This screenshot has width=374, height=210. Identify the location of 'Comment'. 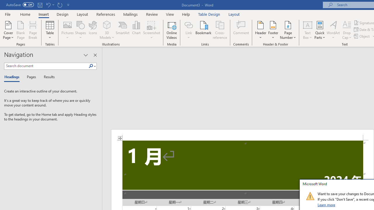
(241, 30).